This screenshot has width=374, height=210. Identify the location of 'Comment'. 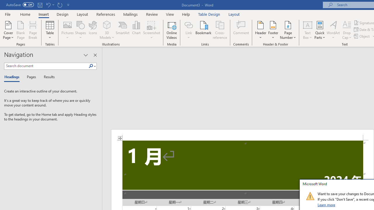
(241, 30).